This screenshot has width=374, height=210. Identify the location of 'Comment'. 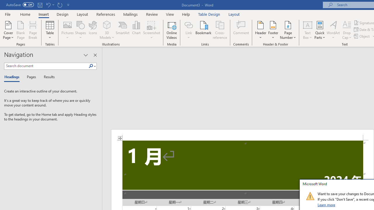
(241, 30).